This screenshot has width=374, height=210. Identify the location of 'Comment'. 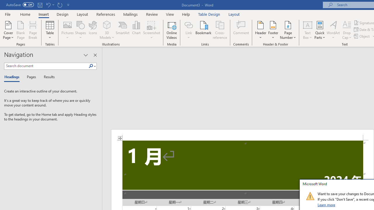
(241, 30).